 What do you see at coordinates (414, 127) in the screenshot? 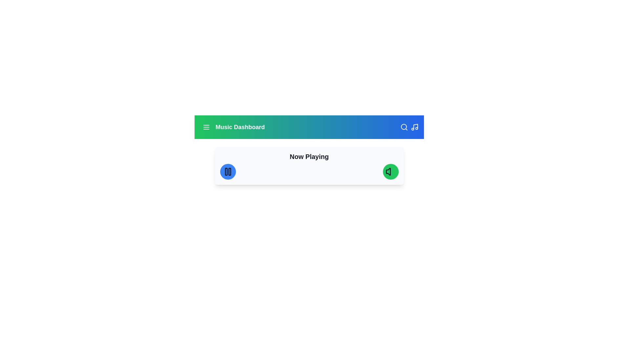
I see `music button located at the top-right corner of the MusicDashboard component` at bounding box center [414, 127].